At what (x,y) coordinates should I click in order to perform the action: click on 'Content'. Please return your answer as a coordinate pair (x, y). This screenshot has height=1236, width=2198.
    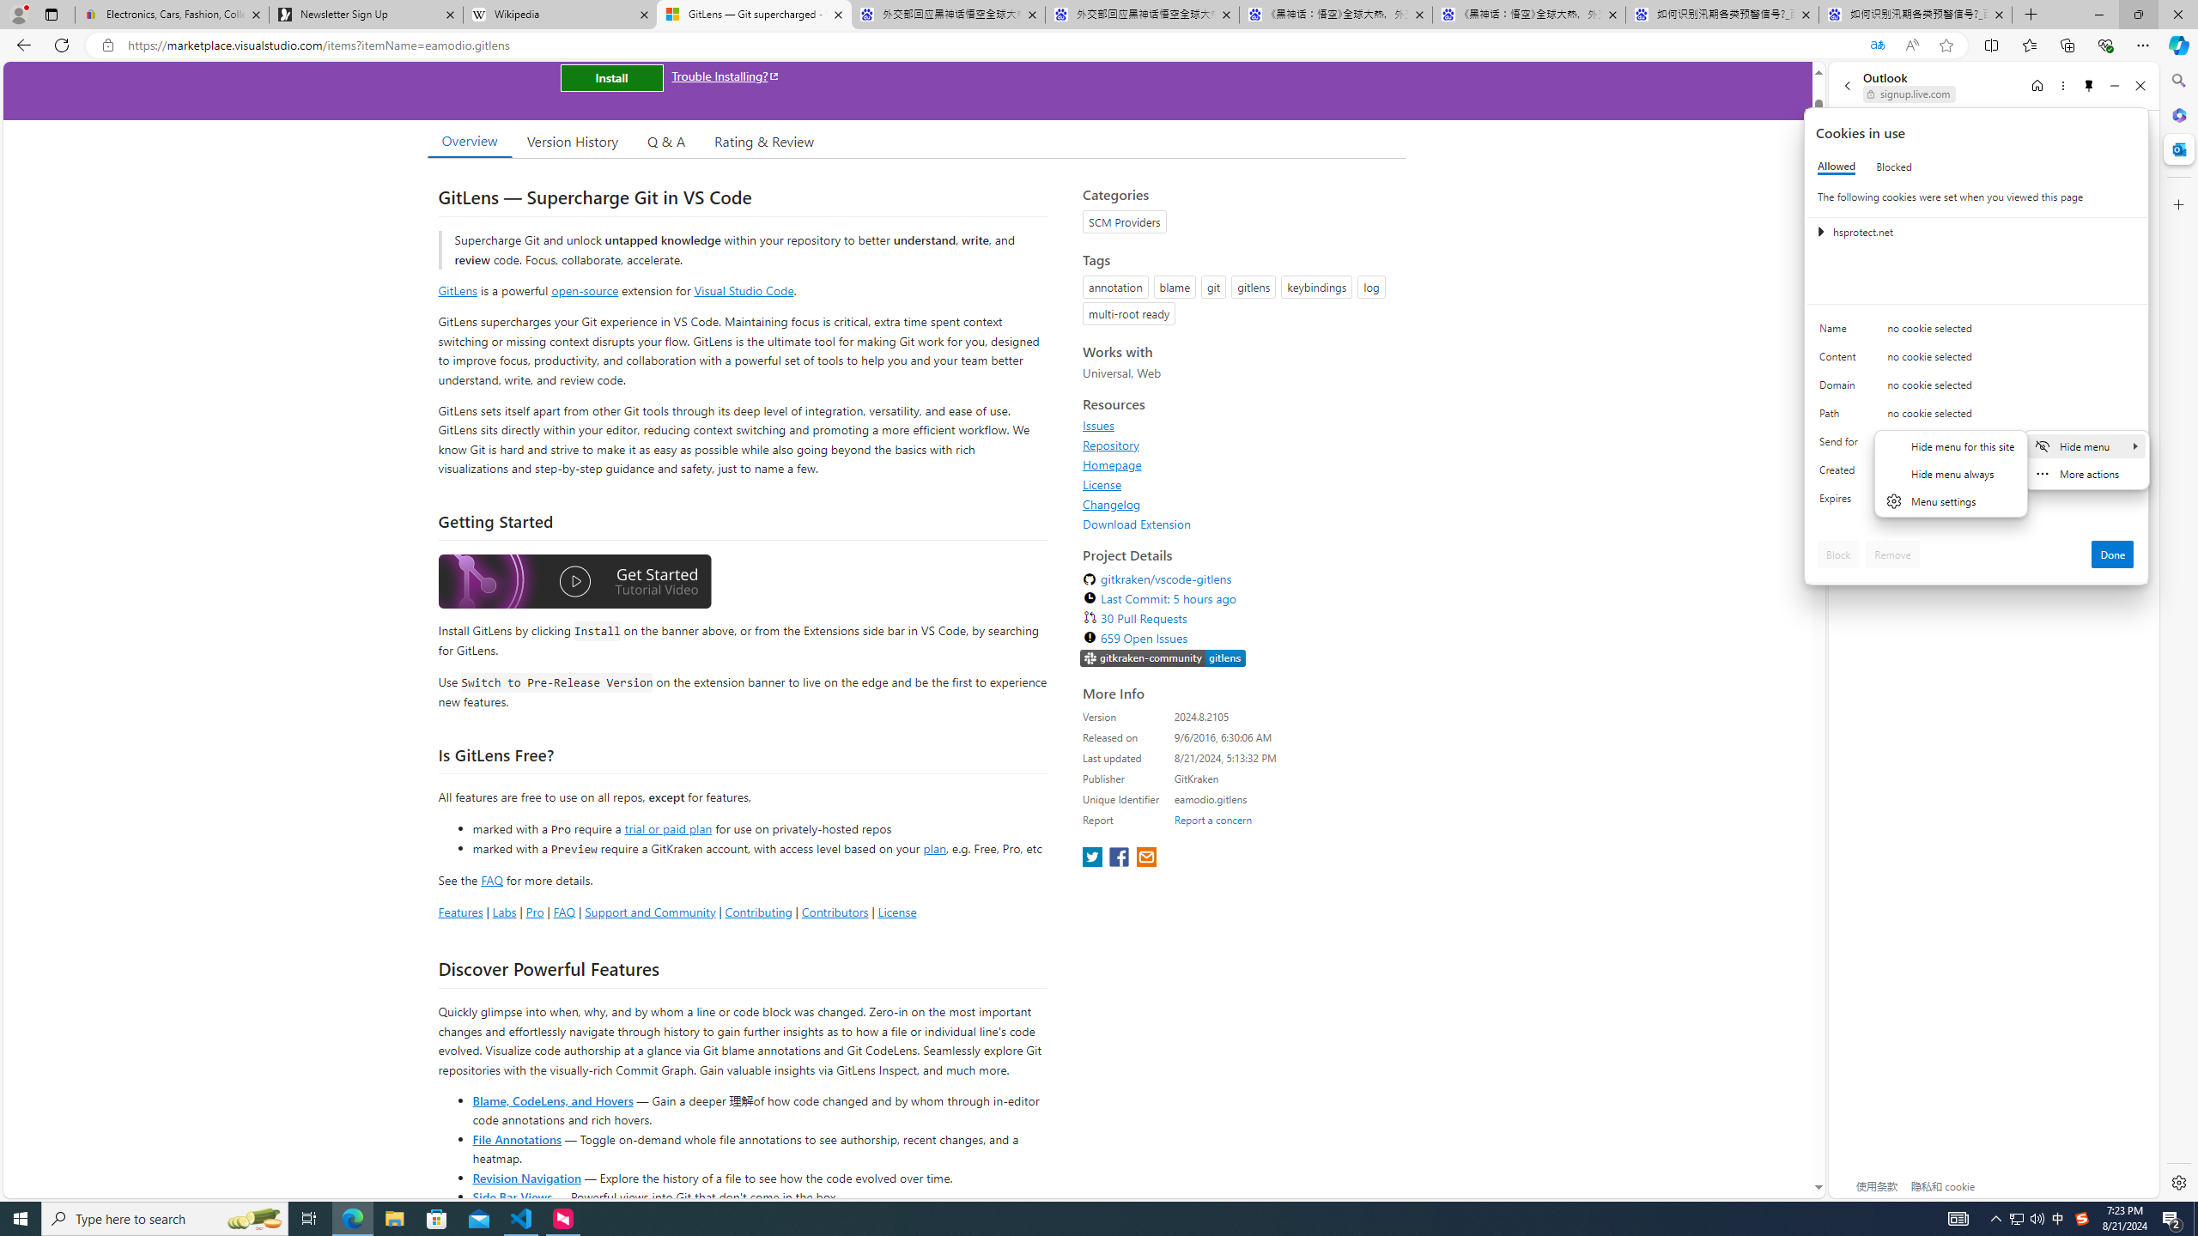
    Looking at the image, I should click on (1841, 360).